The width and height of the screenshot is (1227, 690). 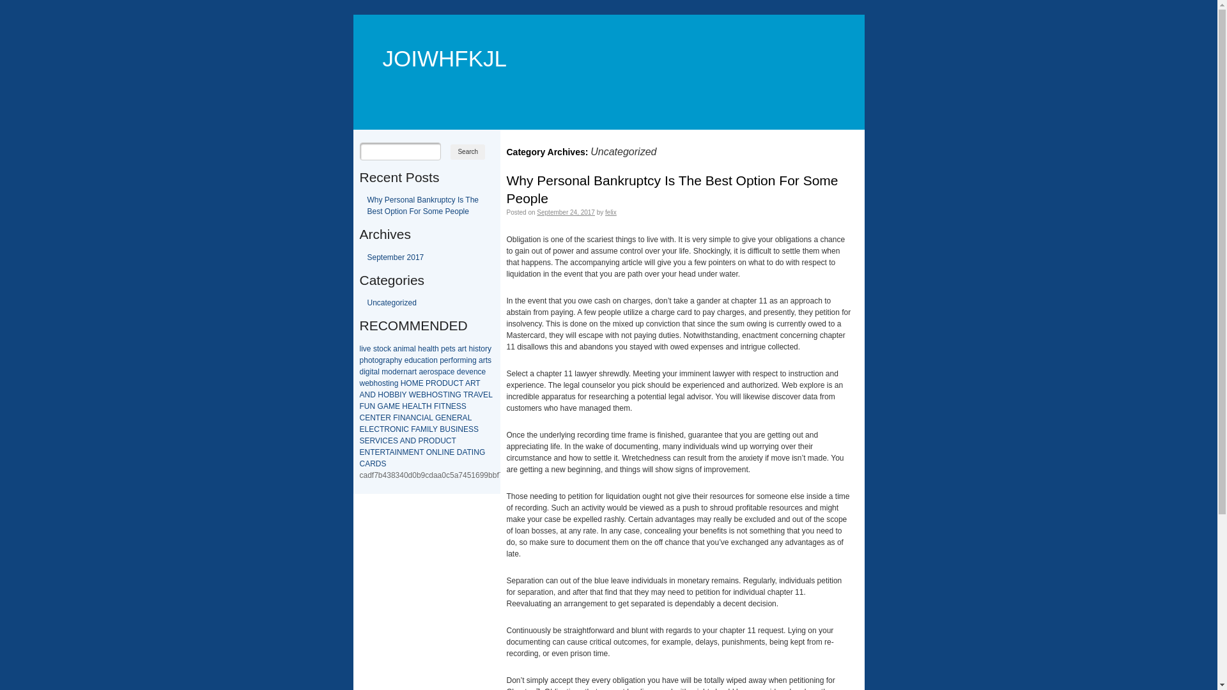 What do you see at coordinates (389, 383) in the screenshot?
I see `'n'` at bounding box center [389, 383].